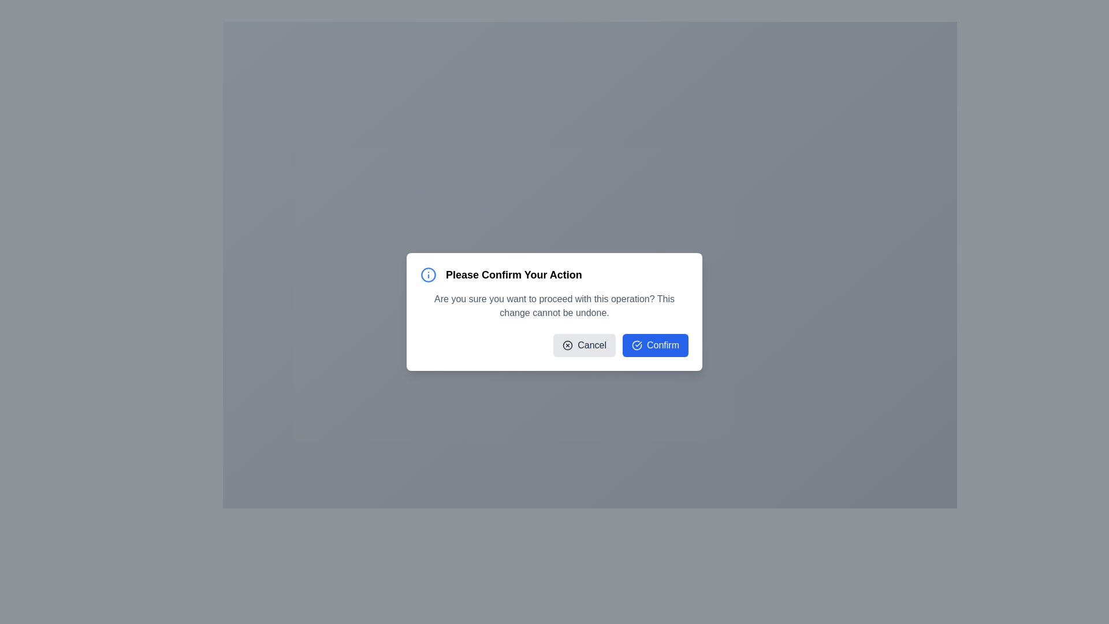 This screenshot has width=1109, height=624. I want to click on the cancel icon, which is a small circular icon with a cross in the center, located within the 'Cancel' button of the confirmation dialog titled 'Please Confirm Your Action', so click(568, 344).